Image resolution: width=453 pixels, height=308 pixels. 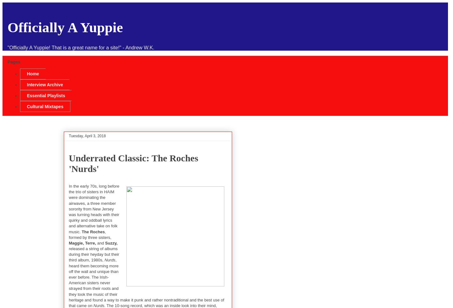 I want to click on 'Underrated Classic: The Roches 'Nurds'', so click(x=133, y=163).